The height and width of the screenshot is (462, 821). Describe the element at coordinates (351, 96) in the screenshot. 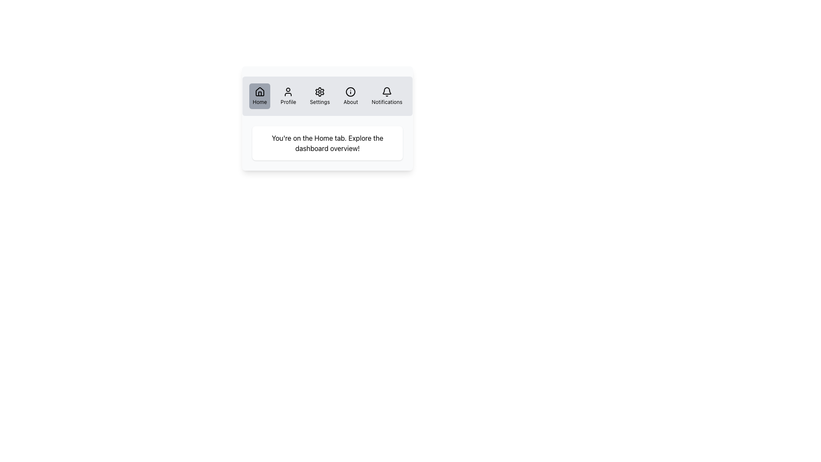

I see `the fourth button in a group of five buttons, positioned between the 'Settings' button and the 'Notifications' button` at that location.